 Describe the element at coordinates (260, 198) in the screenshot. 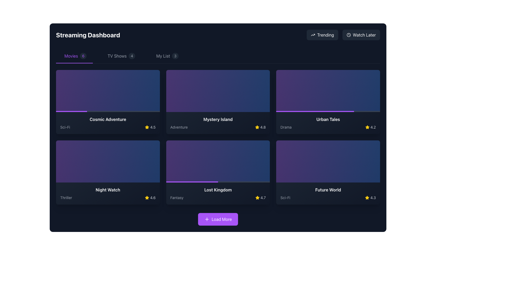

I see `the numerical value '4.7' displayed in the Rating Display of the 'Lost Kingdom' card, located to the right of the 'Fantasy' label` at that location.